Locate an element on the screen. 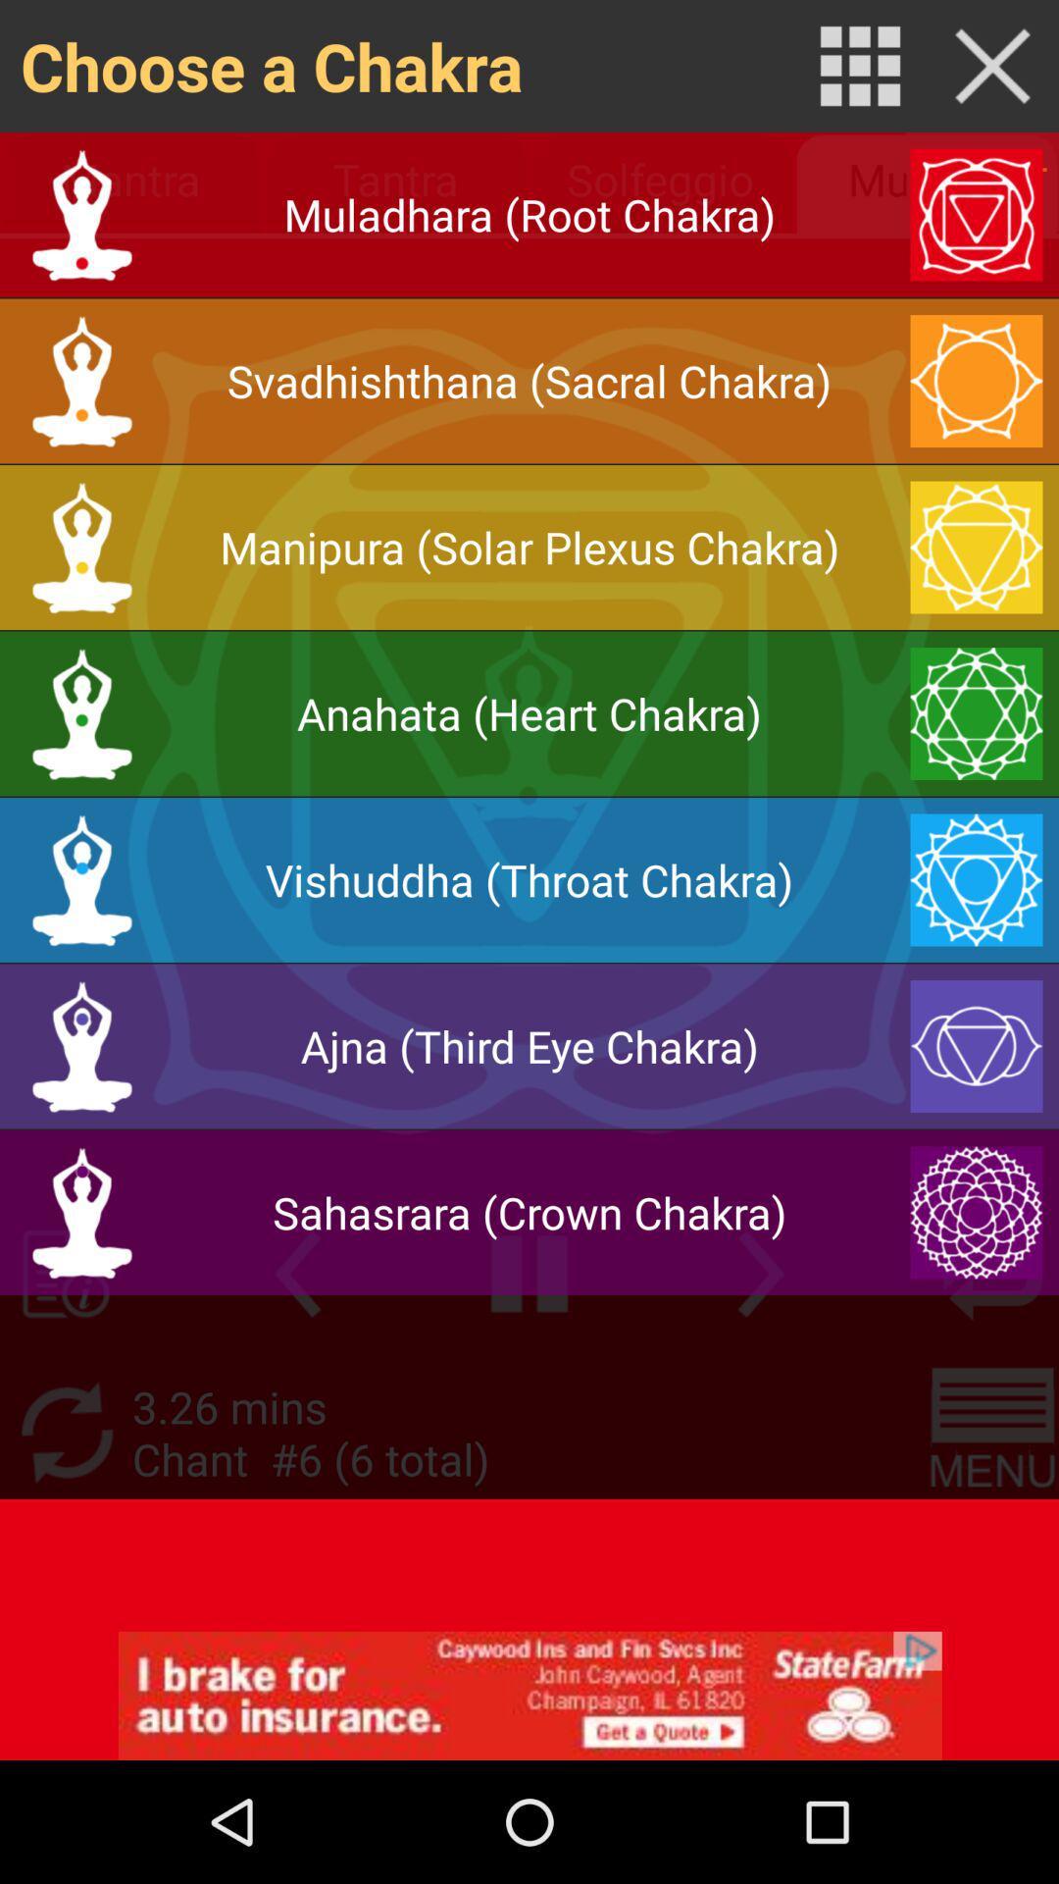  the menu icon is located at coordinates (992, 1532).